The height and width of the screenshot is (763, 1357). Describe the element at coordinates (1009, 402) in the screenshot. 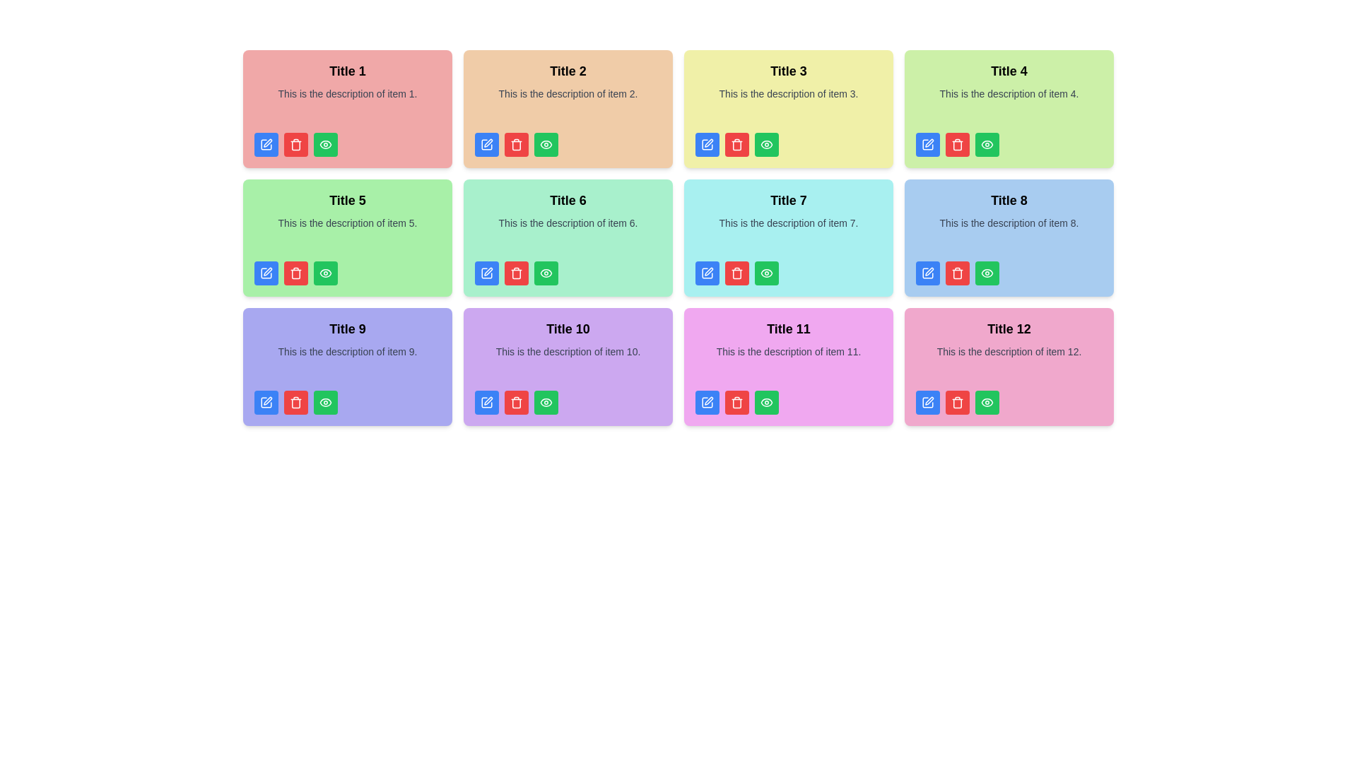

I see `the third action bar in the fourth row of the grid layout, located below the item labeled 'Title 12'` at that location.